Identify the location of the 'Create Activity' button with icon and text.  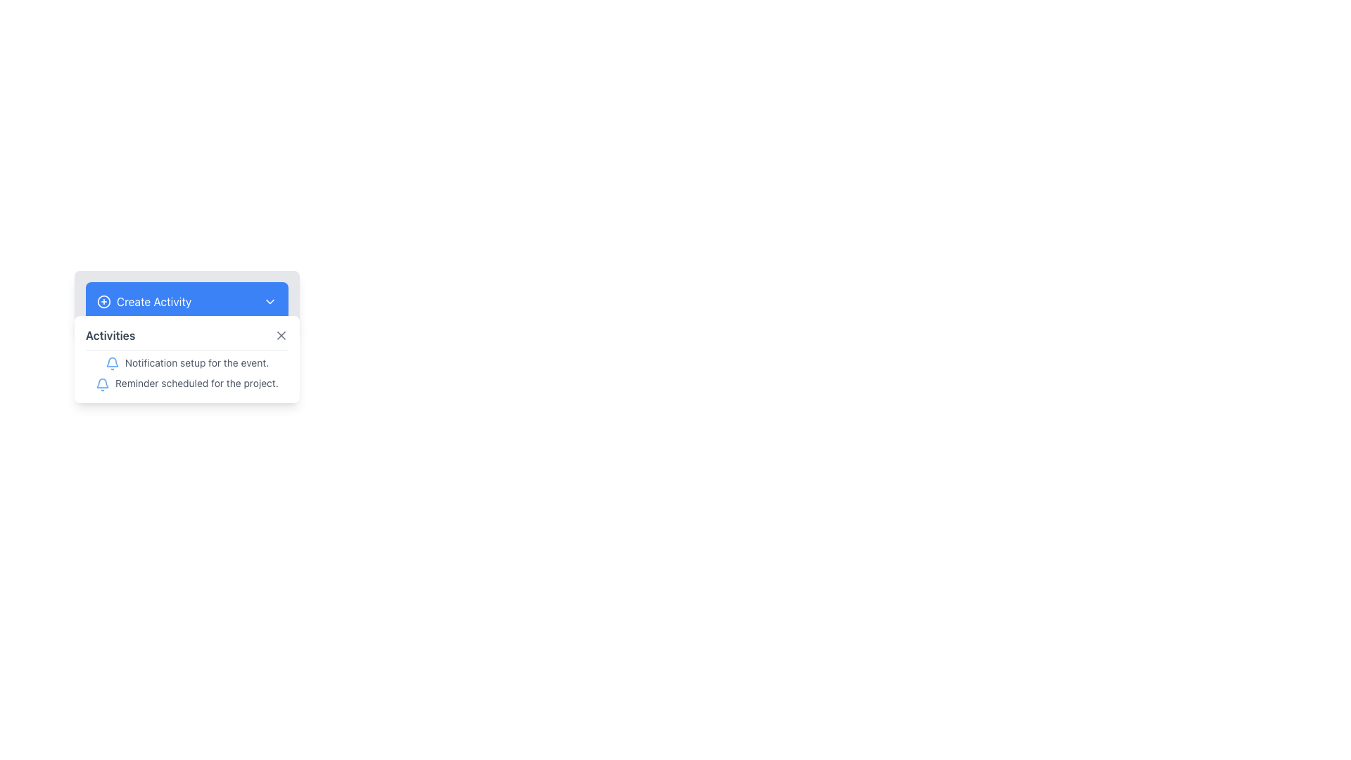
(144, 300).